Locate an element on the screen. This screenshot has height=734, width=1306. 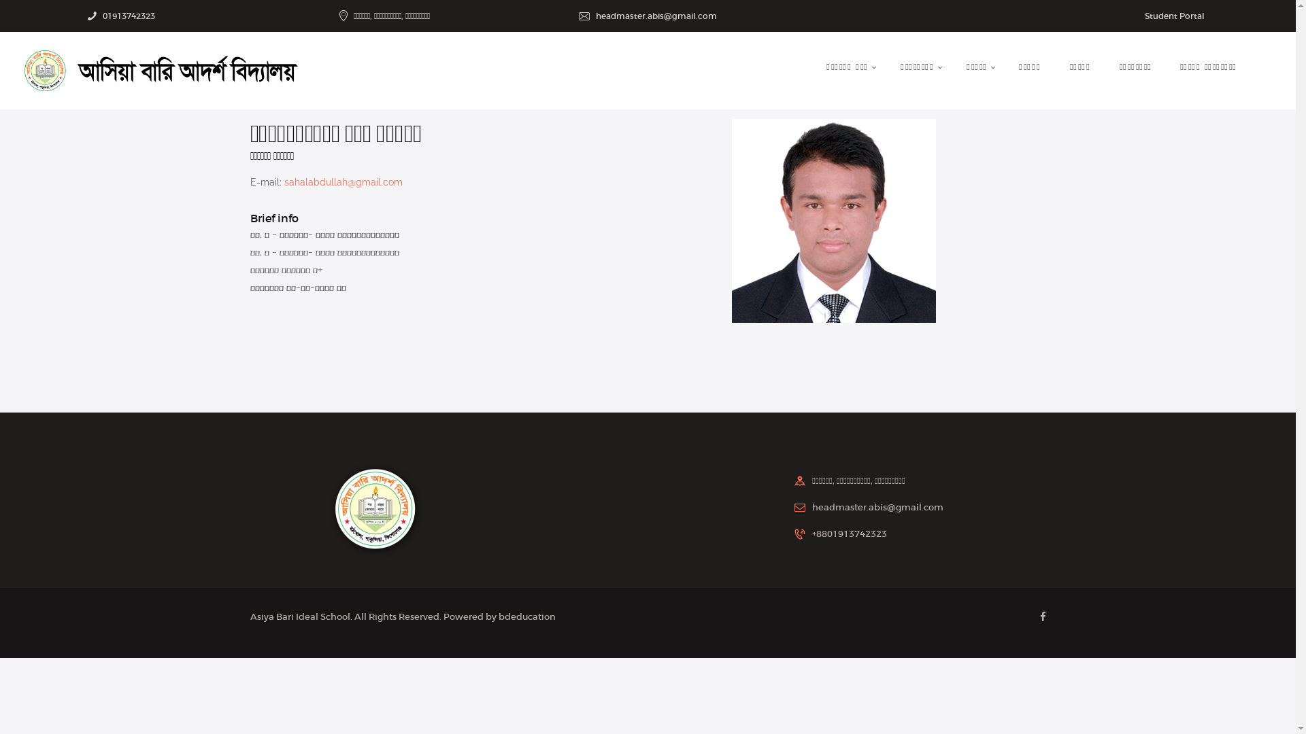
'+8801913742323' is located at coordinates (812, 533).